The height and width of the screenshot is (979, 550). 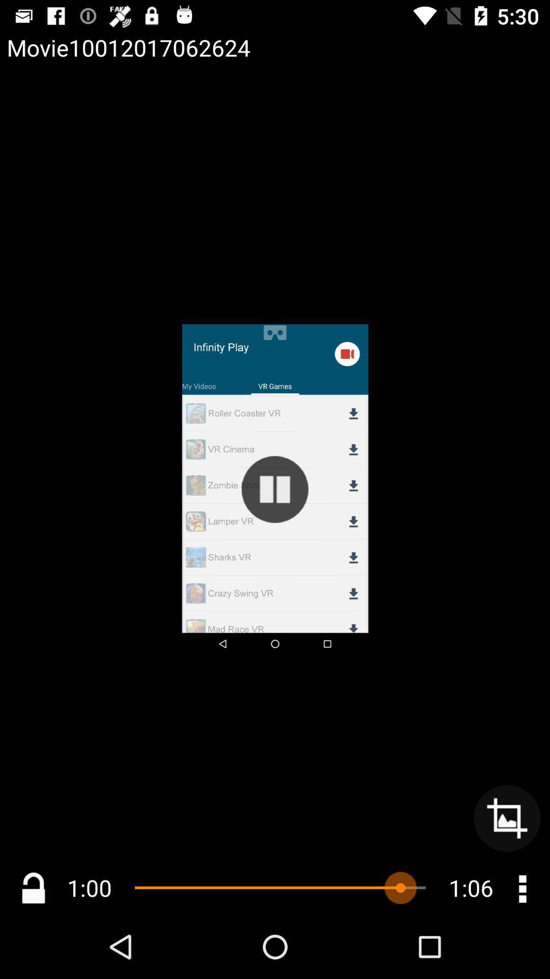 What do you see at coordinates (33, 887) in the screenshot?
I see `the lock icon` at bounding box center [33, 887].